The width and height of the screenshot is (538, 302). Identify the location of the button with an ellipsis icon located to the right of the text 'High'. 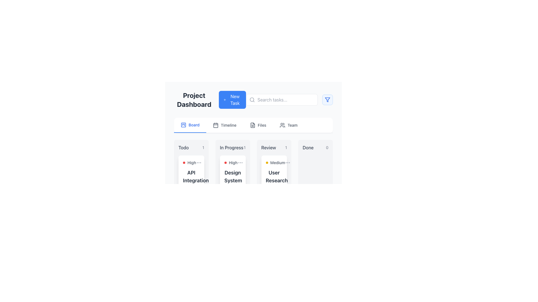
(199, 163).